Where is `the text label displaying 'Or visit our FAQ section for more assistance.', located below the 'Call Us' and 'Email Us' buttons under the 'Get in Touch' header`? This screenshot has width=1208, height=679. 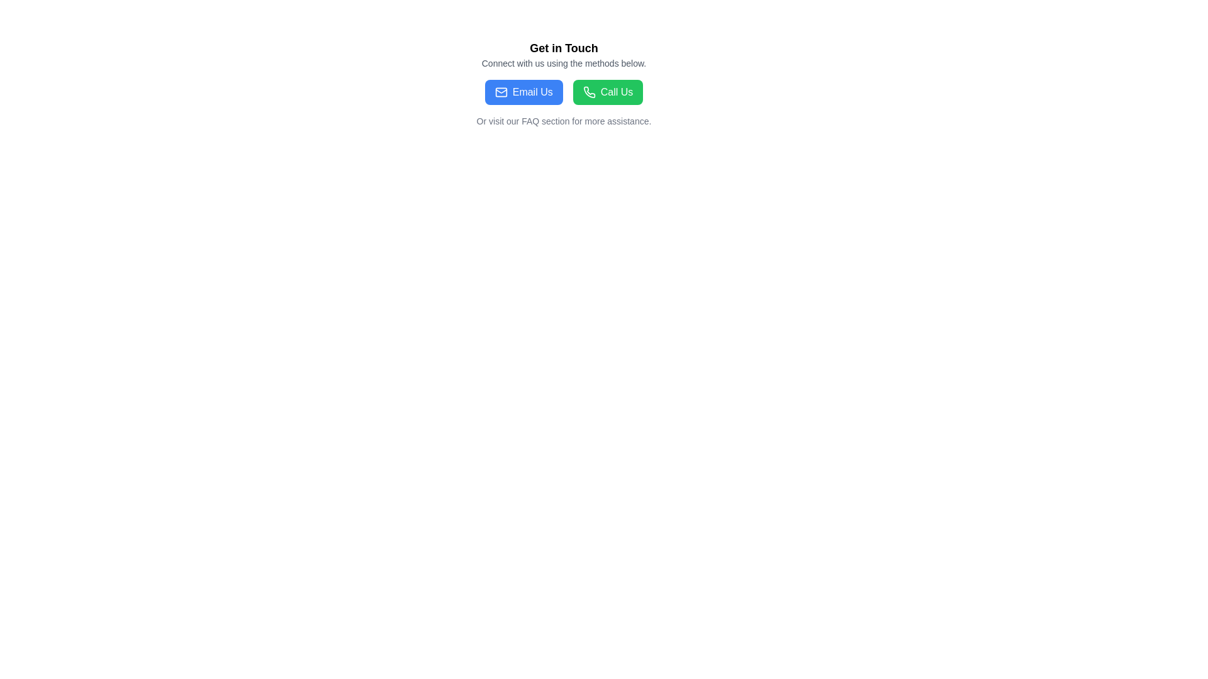 the text label displaying 'Or visit our FAQ section for more assistance.', located below the 'Call Us' and 'Email Us' buttons under the 'Get in Touch' header is located at coordinates (563, 121).